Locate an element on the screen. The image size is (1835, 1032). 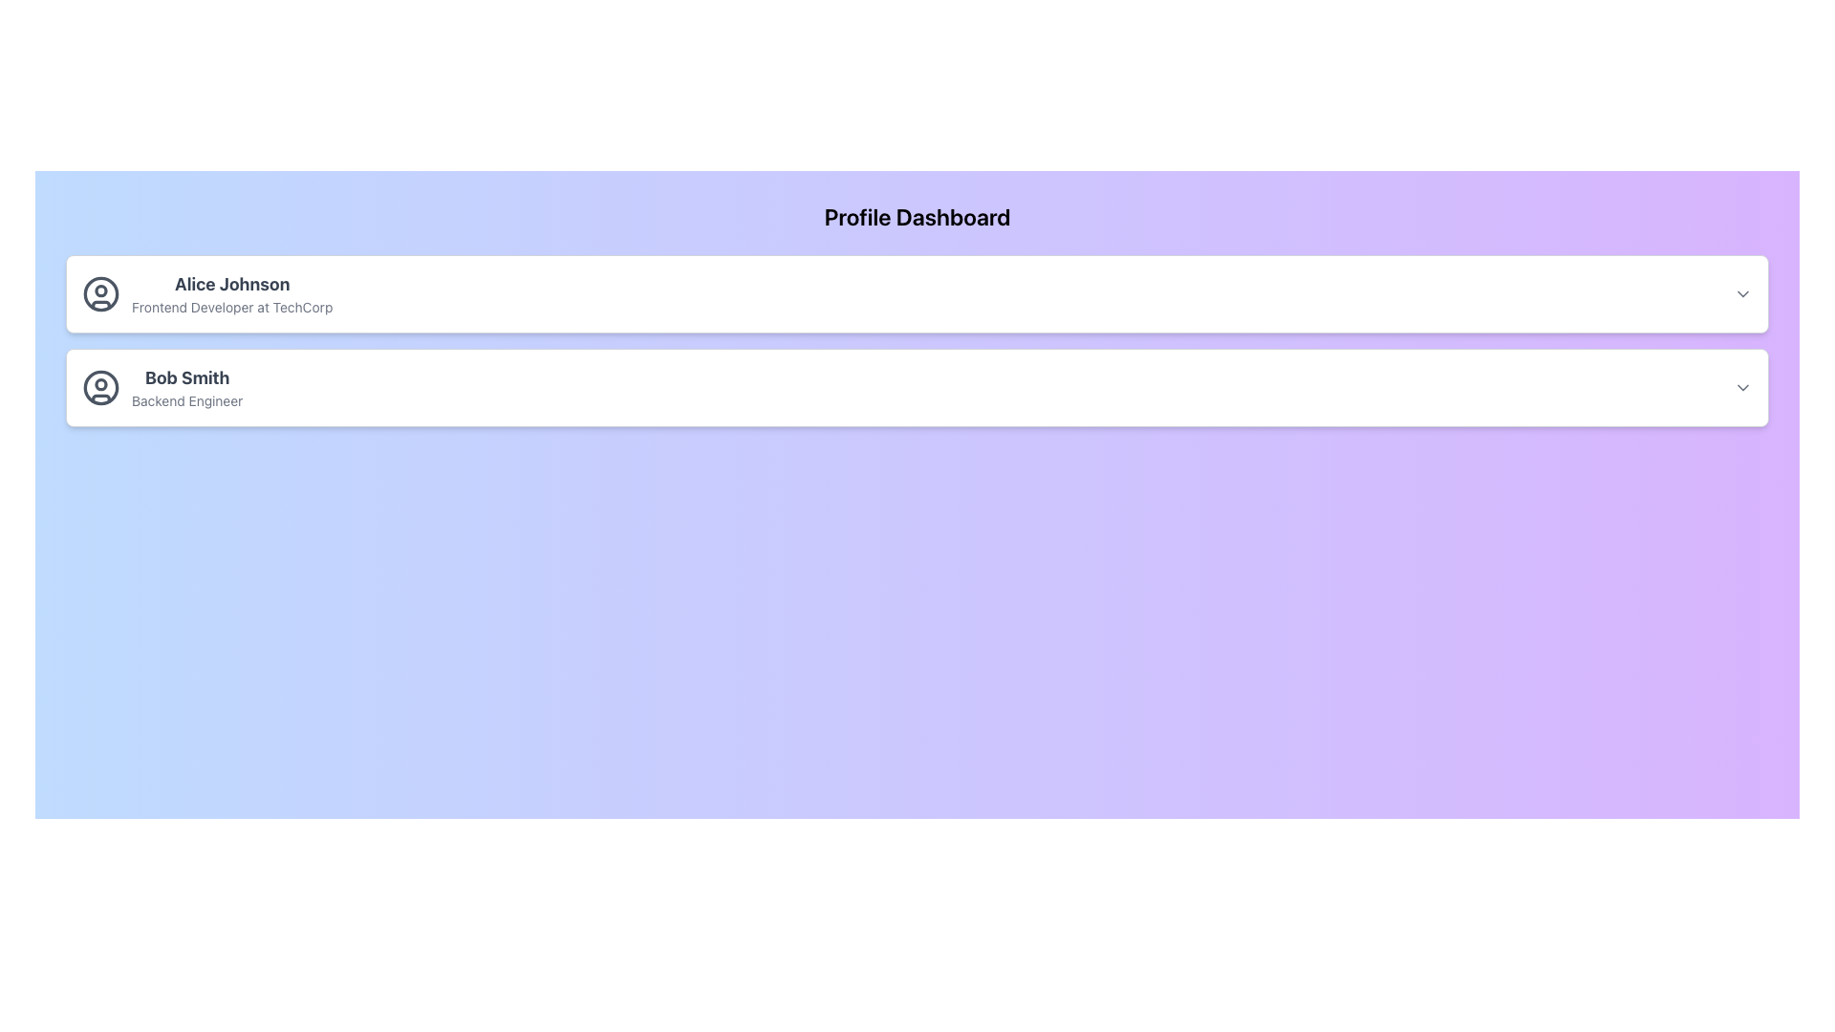
the bottom curving section of the user figure within the avatar icon on the first profile card on the dashboard is located at coordinates (99, 304).